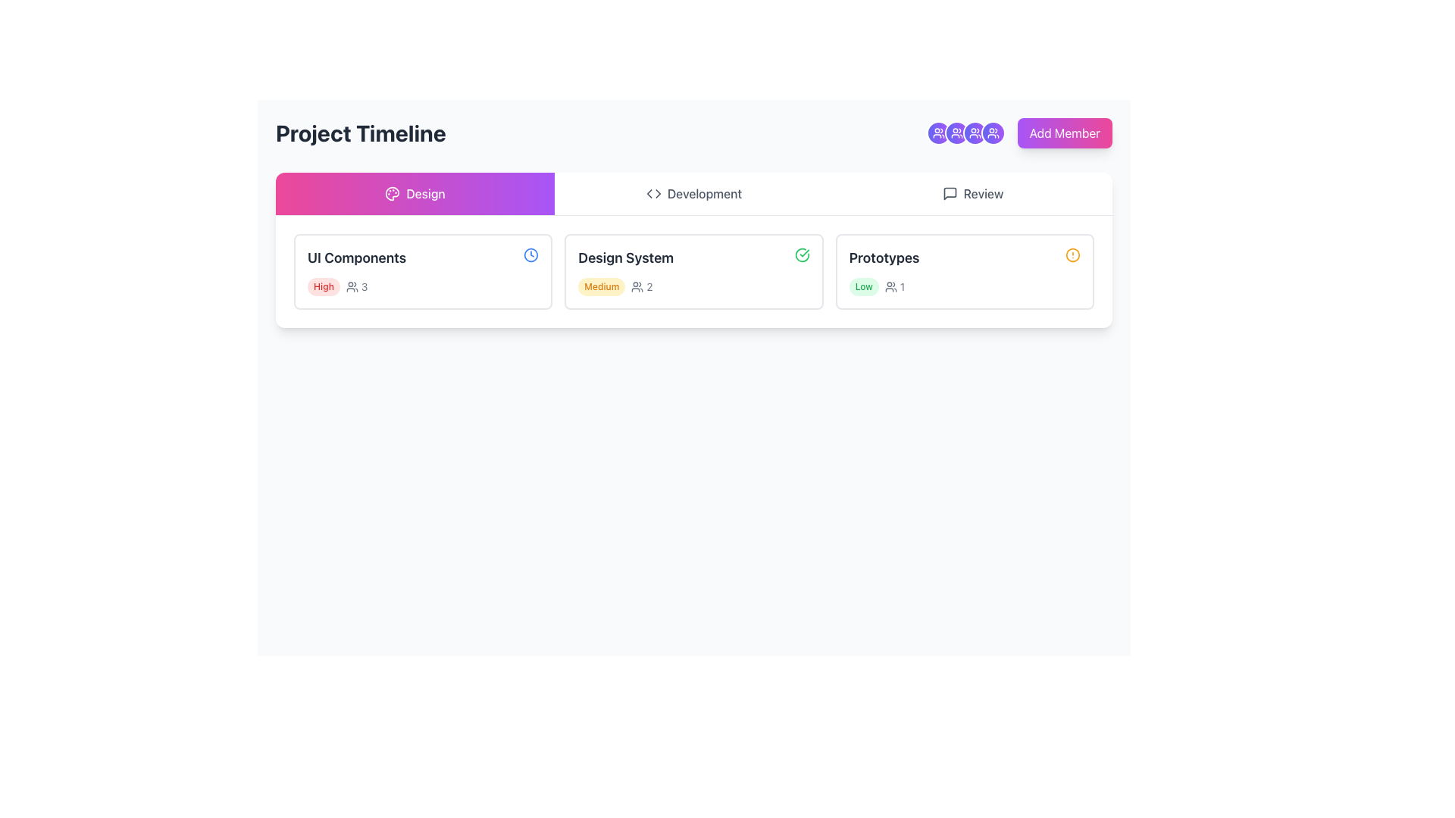  Describe the element at coordinates (972, 192) in the screenshot. I see `the third tab button in the horizontal navigation bar` at that location.